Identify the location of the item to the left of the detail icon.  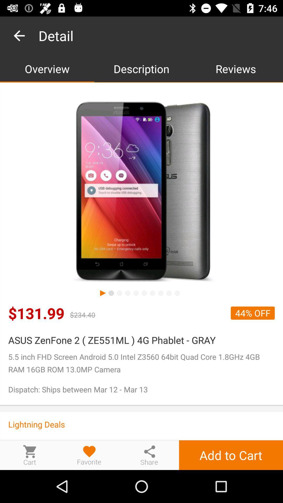
(19, 35).